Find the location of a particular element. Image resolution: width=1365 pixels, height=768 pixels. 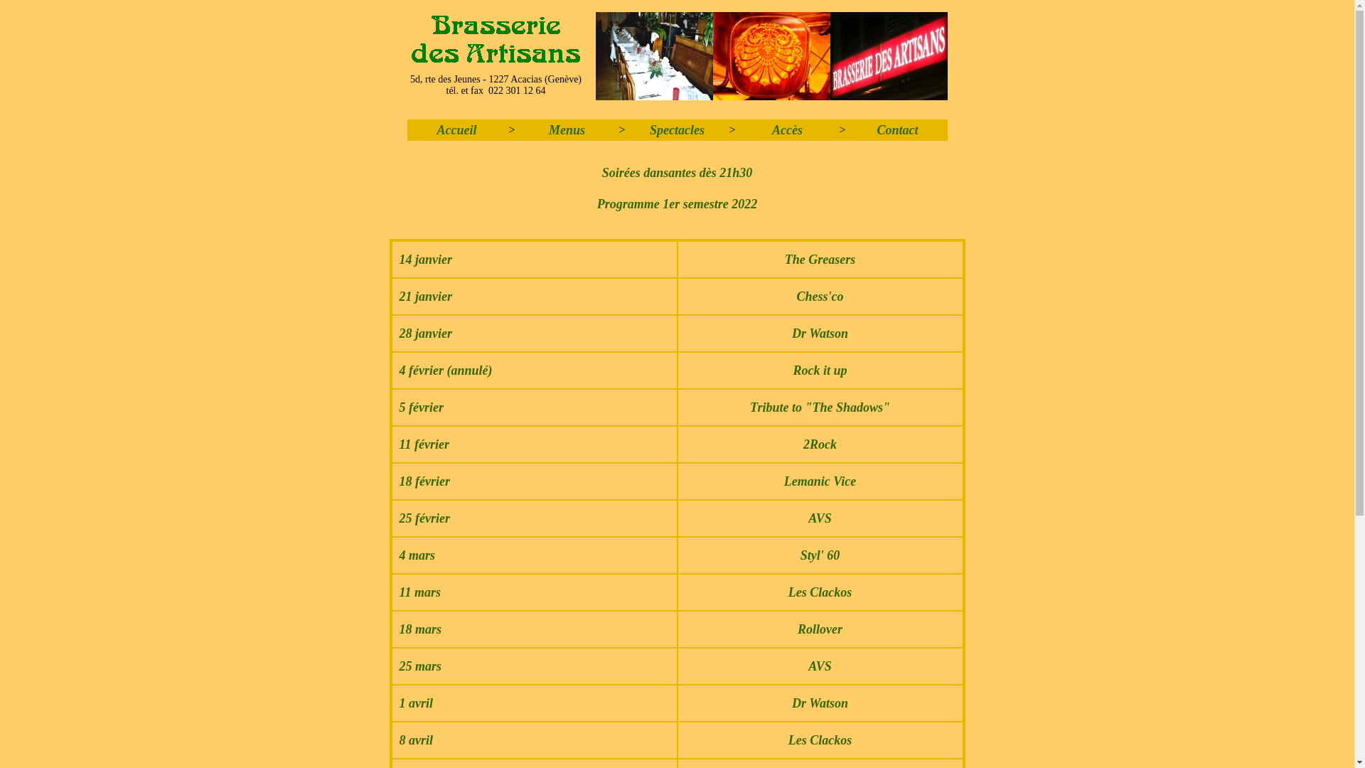

'Menus' is located at coordinates (566, 129).